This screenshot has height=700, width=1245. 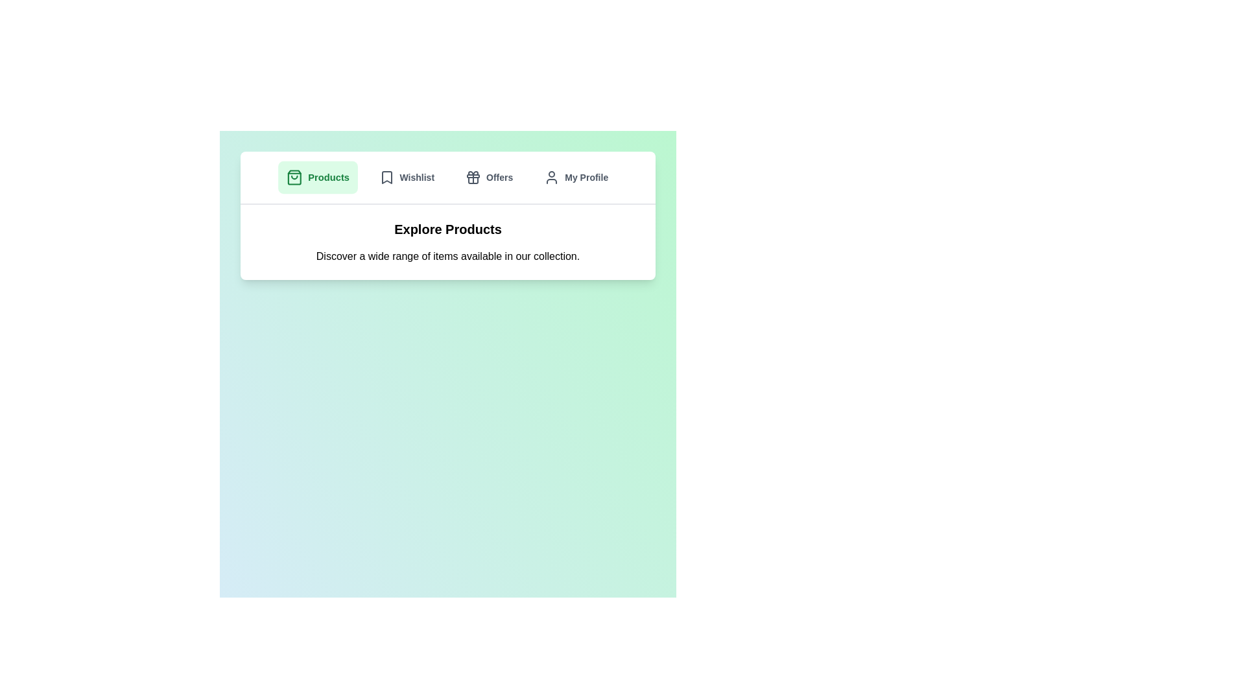 I want to click on the 'Products' button in the navigation bar, which is marked with a green background when active, so click(x=294, y=177).